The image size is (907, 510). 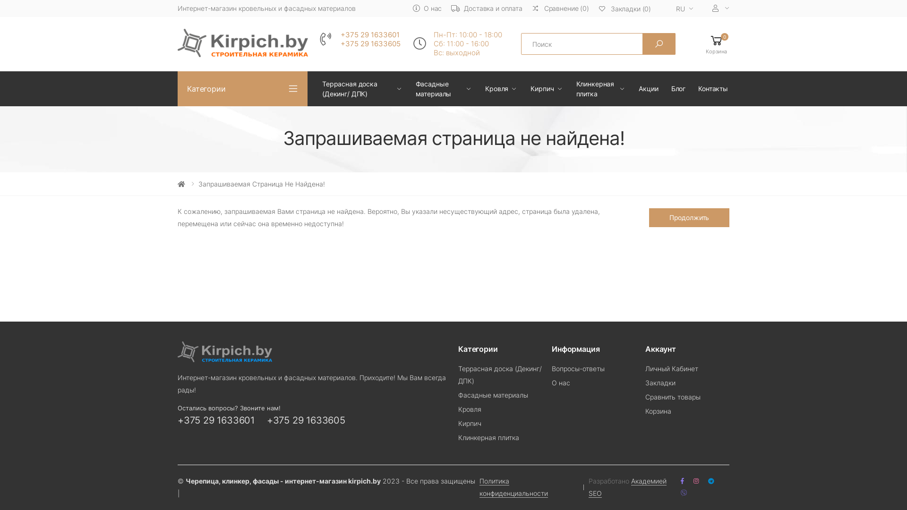 What do you see at coordinates (215, 420) in the screenshot?
I see `'+375 29 1633601'` at bounding box center [215, 420].